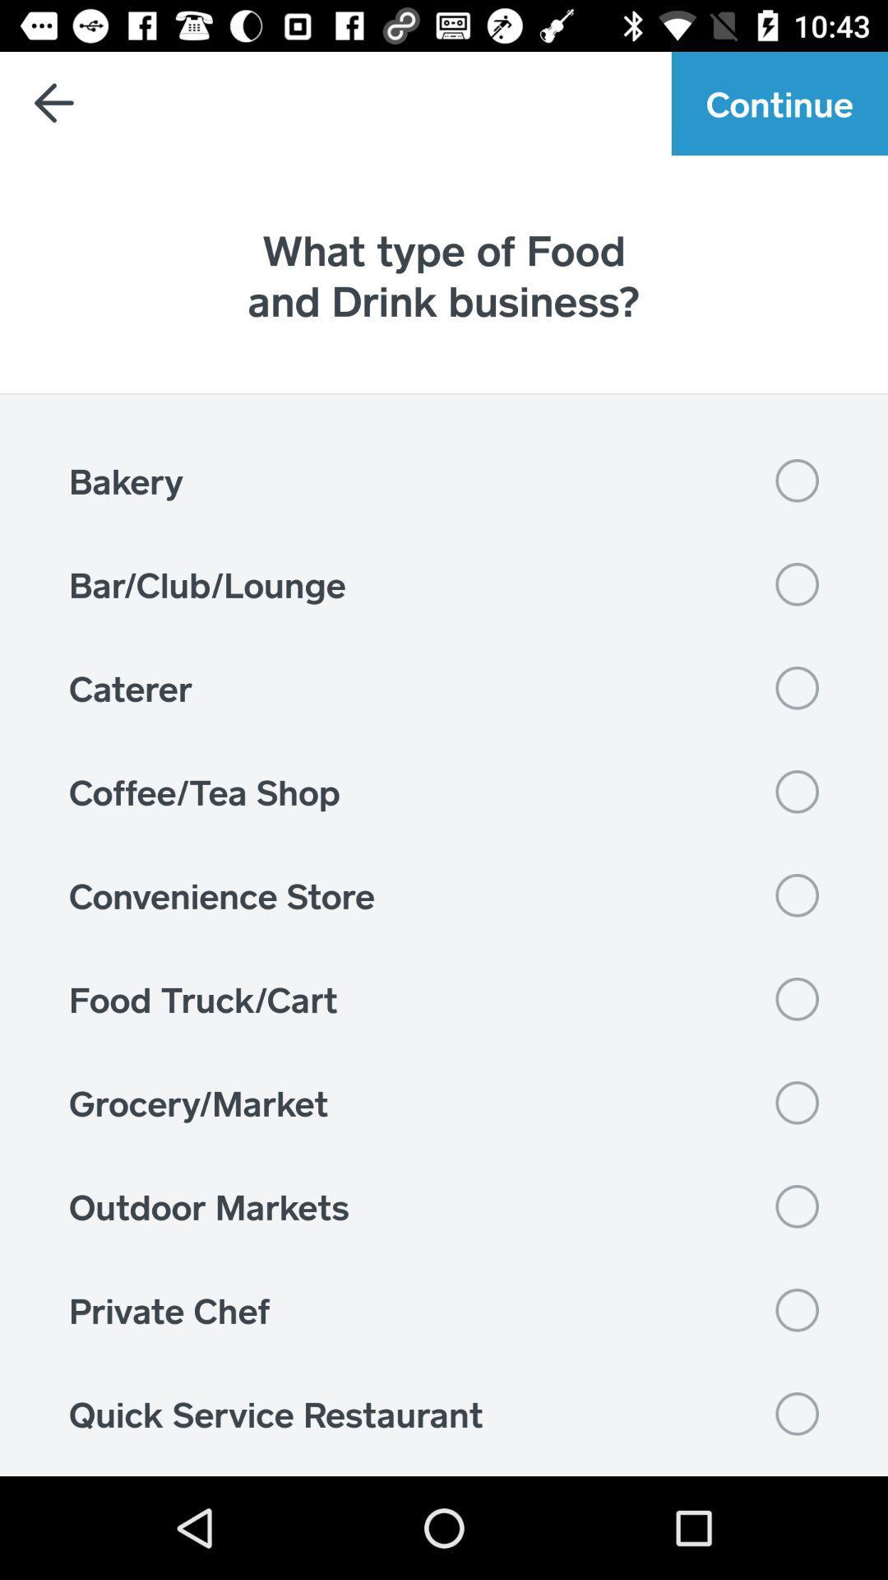  What do you see at coordinates (779, 102) in the screenshot?
I see `the continue at the top right corner` at bounding box center [779, 102].